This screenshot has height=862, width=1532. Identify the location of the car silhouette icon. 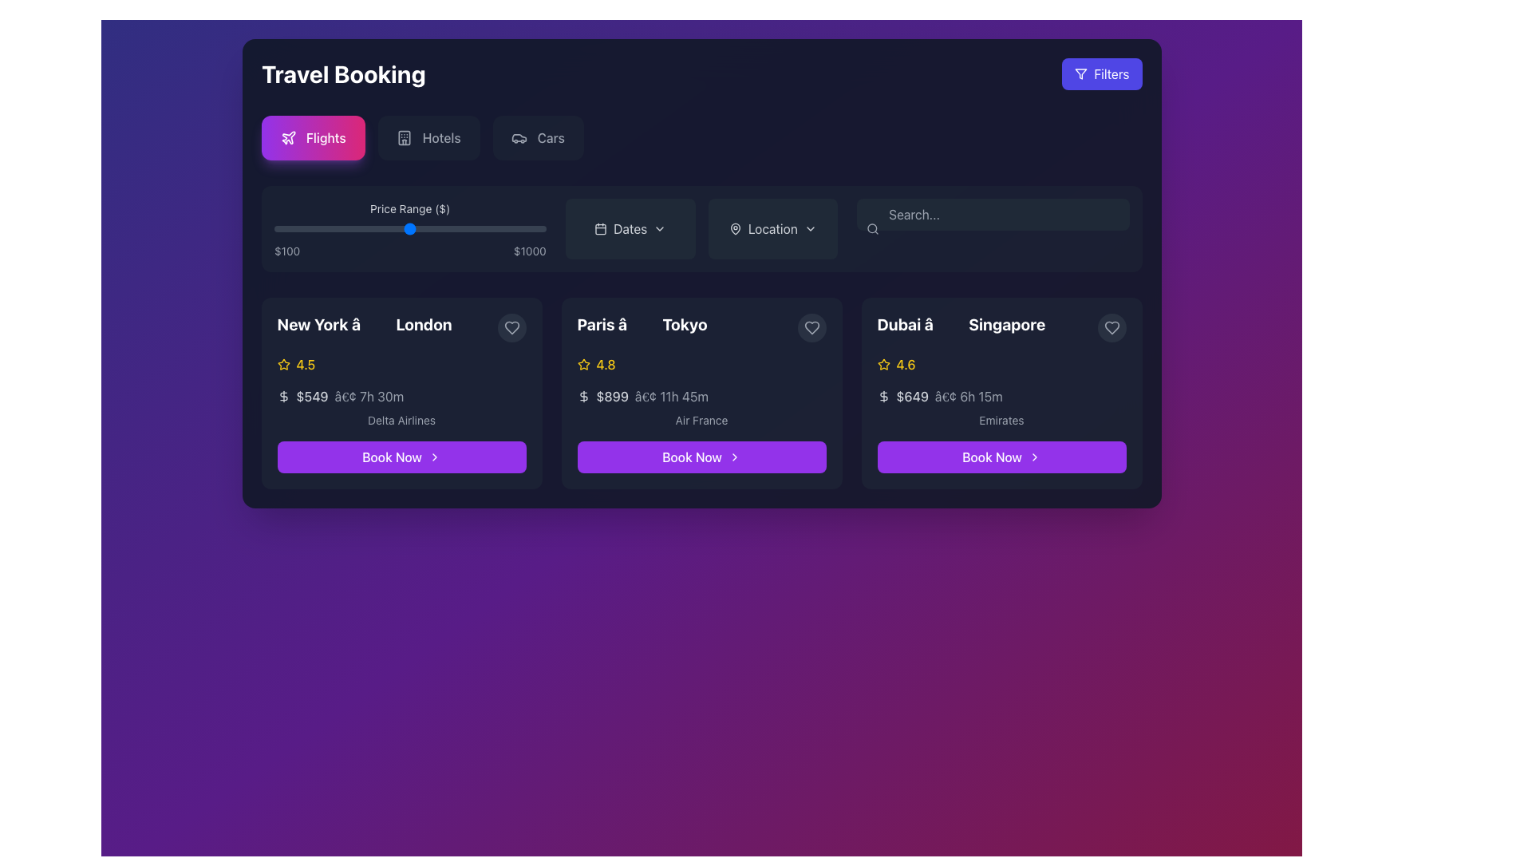
(519, 137).